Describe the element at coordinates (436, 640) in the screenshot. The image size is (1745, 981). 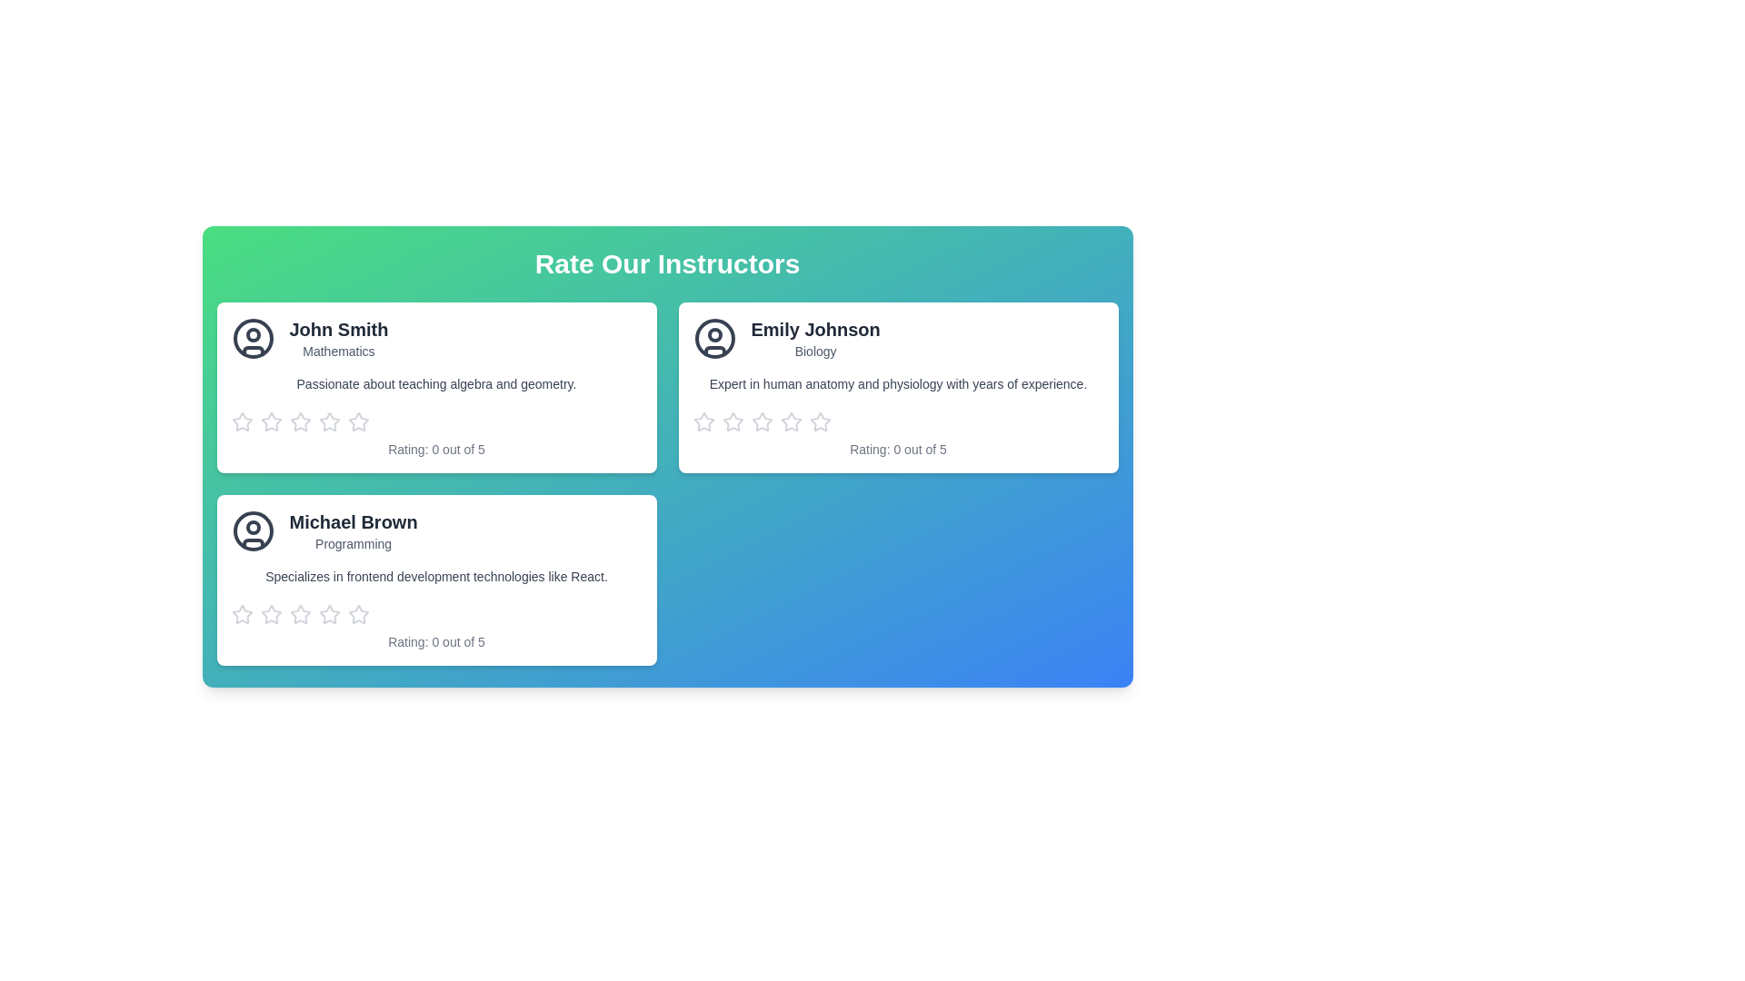
I see `the non-interactive text label that displays the current rating of 'Michael Brown', which shows '0 out of 5', located at the bottom of his profile card` at that location.